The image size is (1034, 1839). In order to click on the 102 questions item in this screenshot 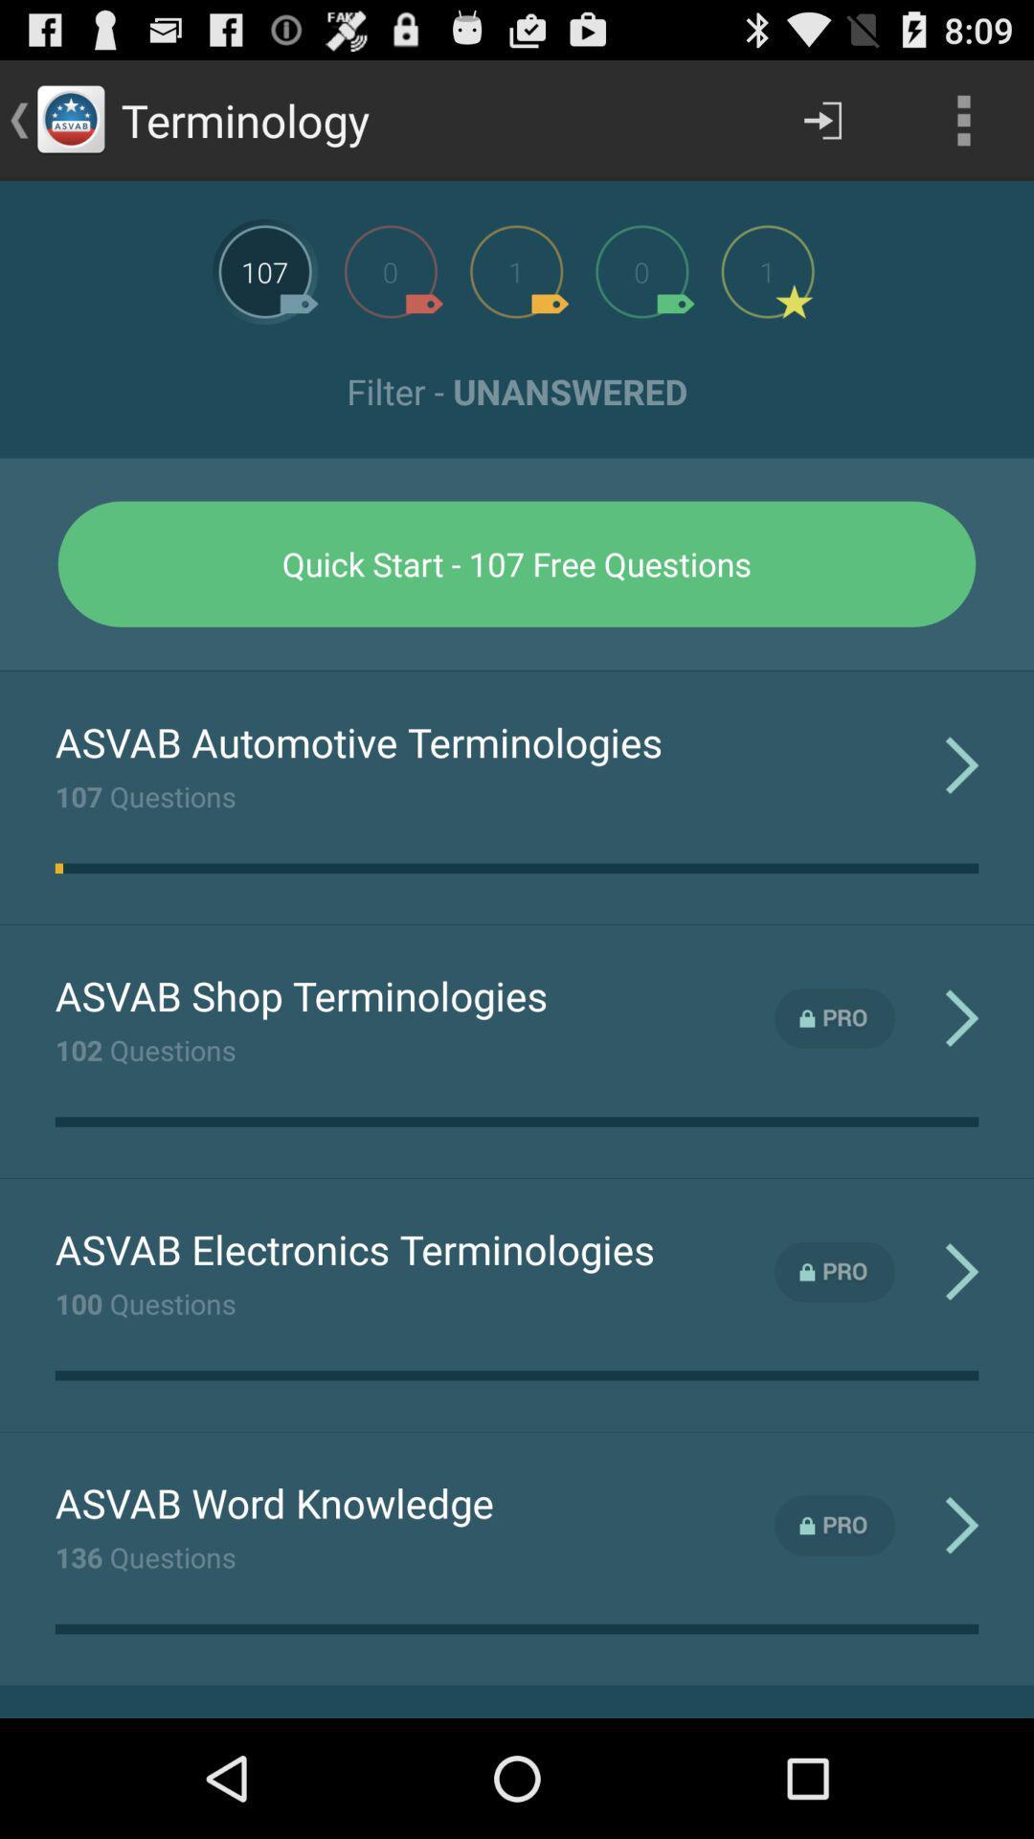, I will do `click(145, 1049)`.